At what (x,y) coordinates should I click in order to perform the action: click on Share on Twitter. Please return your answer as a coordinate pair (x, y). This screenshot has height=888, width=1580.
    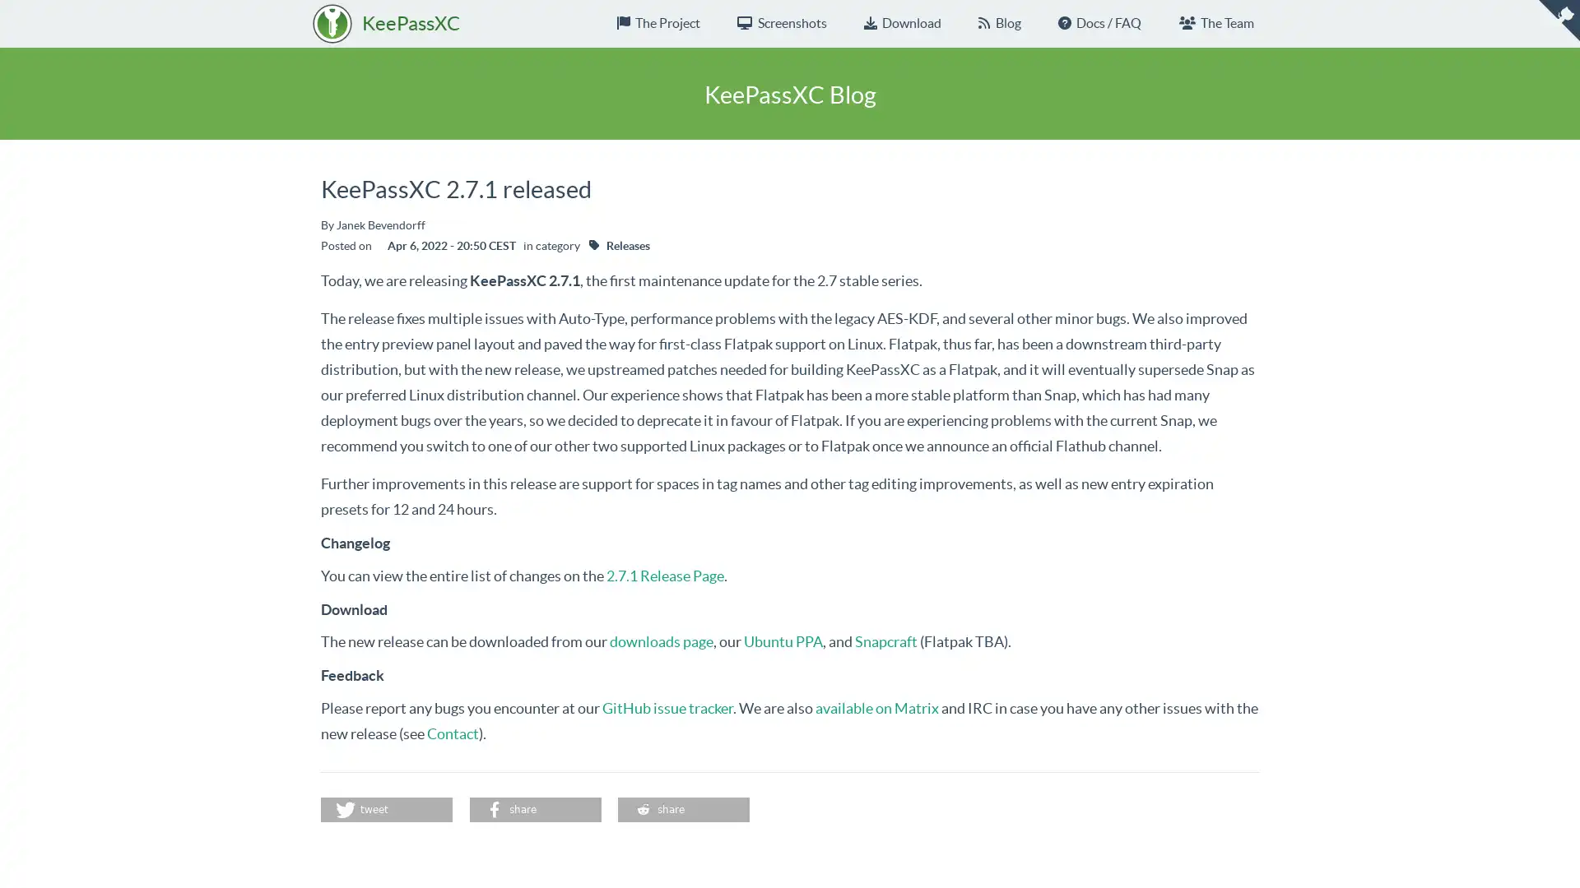
    Looking at the image, I should click on (386, 808).